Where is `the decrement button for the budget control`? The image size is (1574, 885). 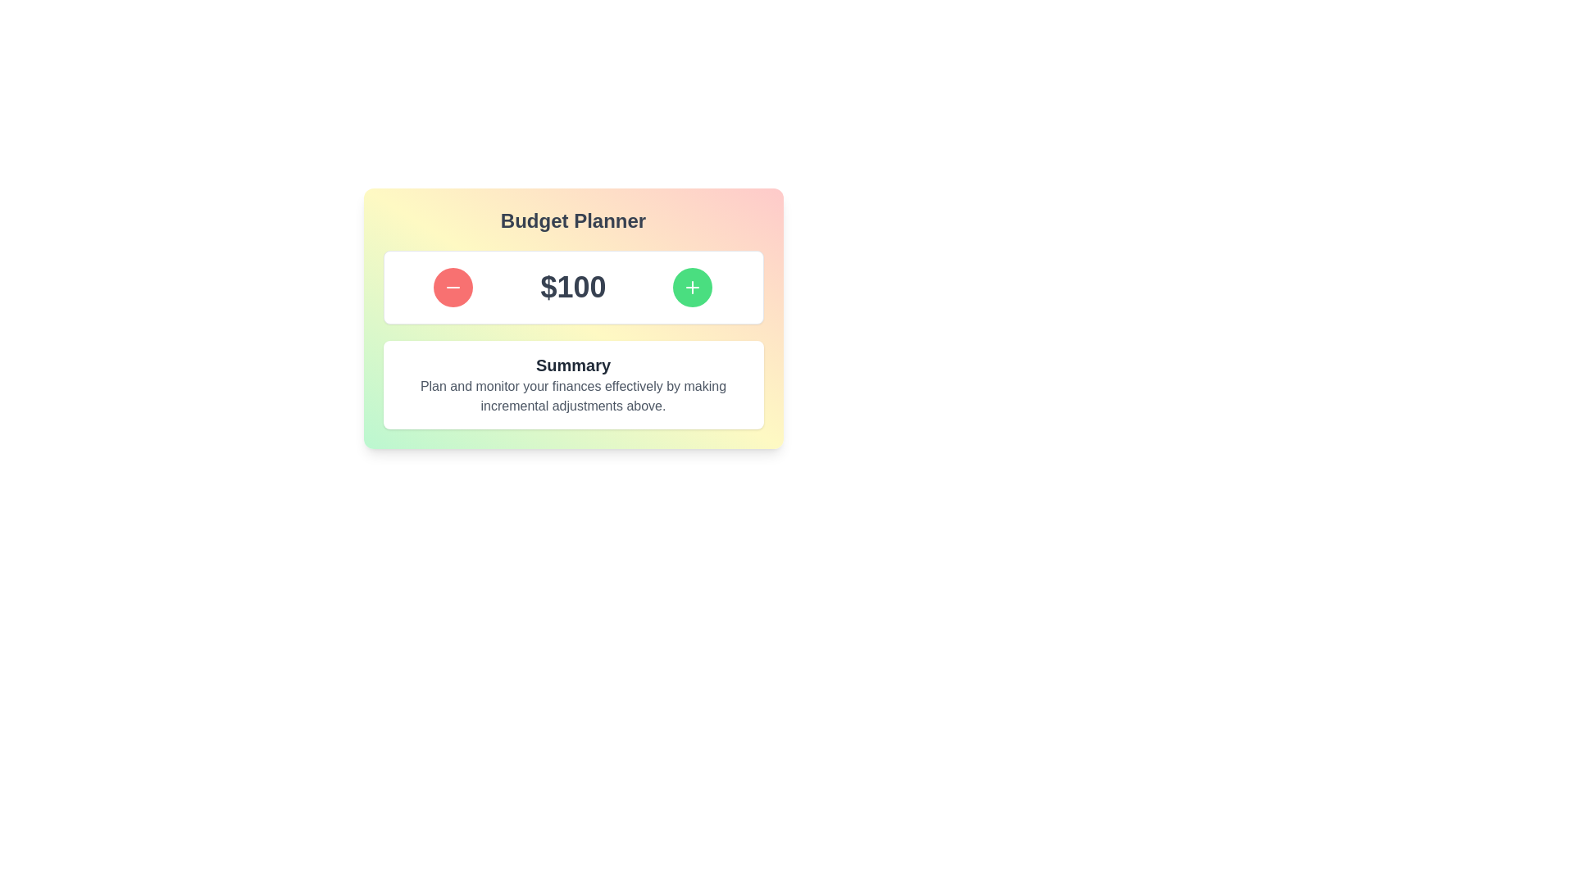 the decrement button for the budget control is located at coordinates (453, 287).